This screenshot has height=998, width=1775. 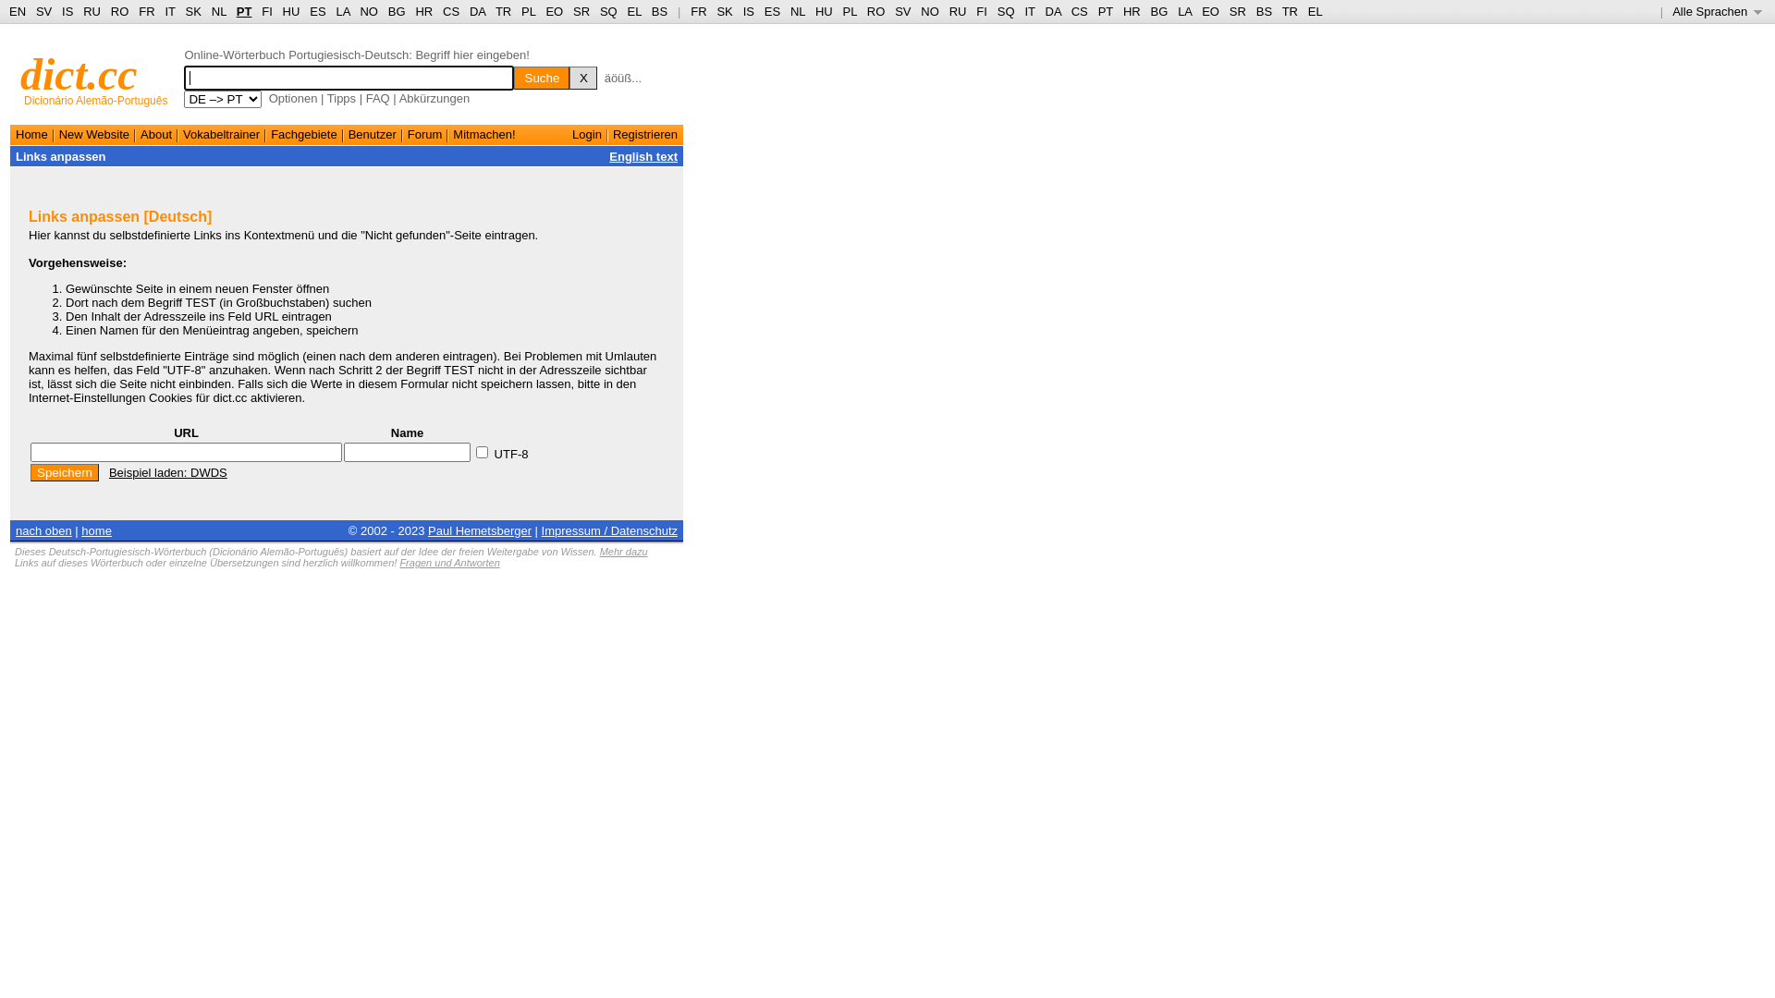 I want to click on 'Fragen und Antworten', so click(x=398, y=562).